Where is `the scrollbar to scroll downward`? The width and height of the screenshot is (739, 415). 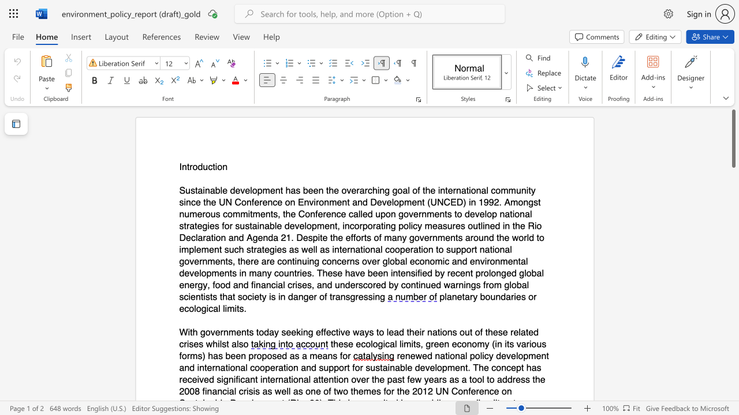
the scrollbar to scroll downward is located at coordinates (733, 293).